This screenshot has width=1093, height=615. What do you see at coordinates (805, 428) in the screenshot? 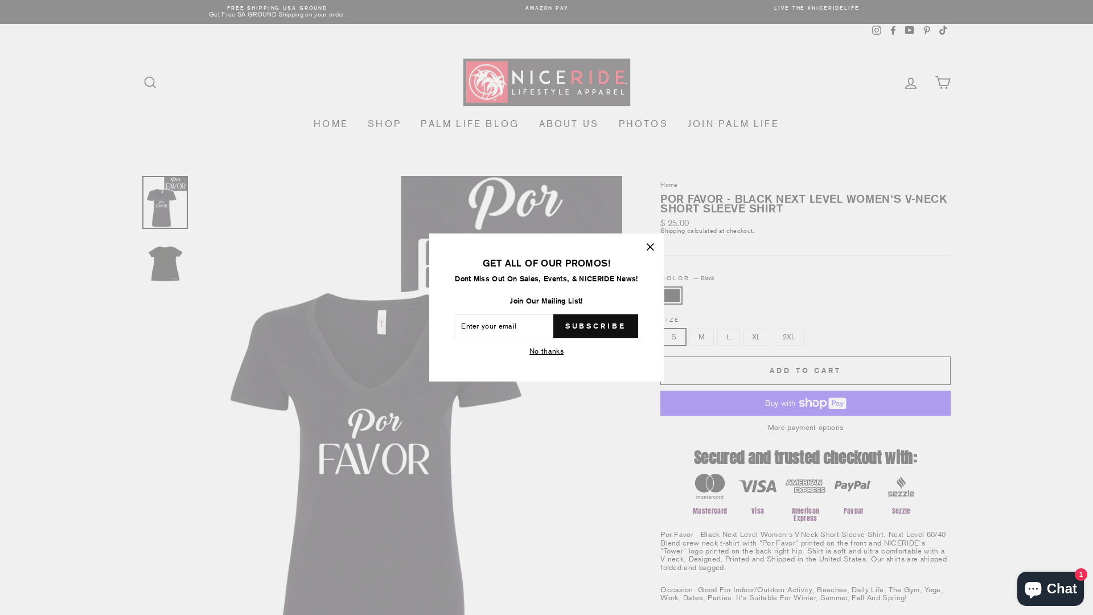
I see `'More payment options'` at bounding box center [805, 428].